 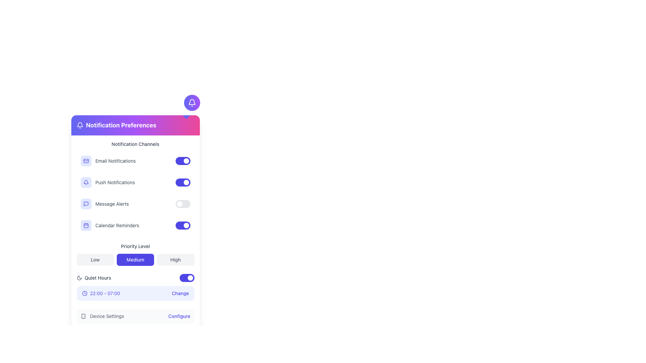 What do you see at coordinates (84, 293) in the screenshot?
I see `the clock icon representing 'Quiet Hours' located at the start of the section, adjacent to the text '22:00 - 07:00'` at bounding box center [84, 293].